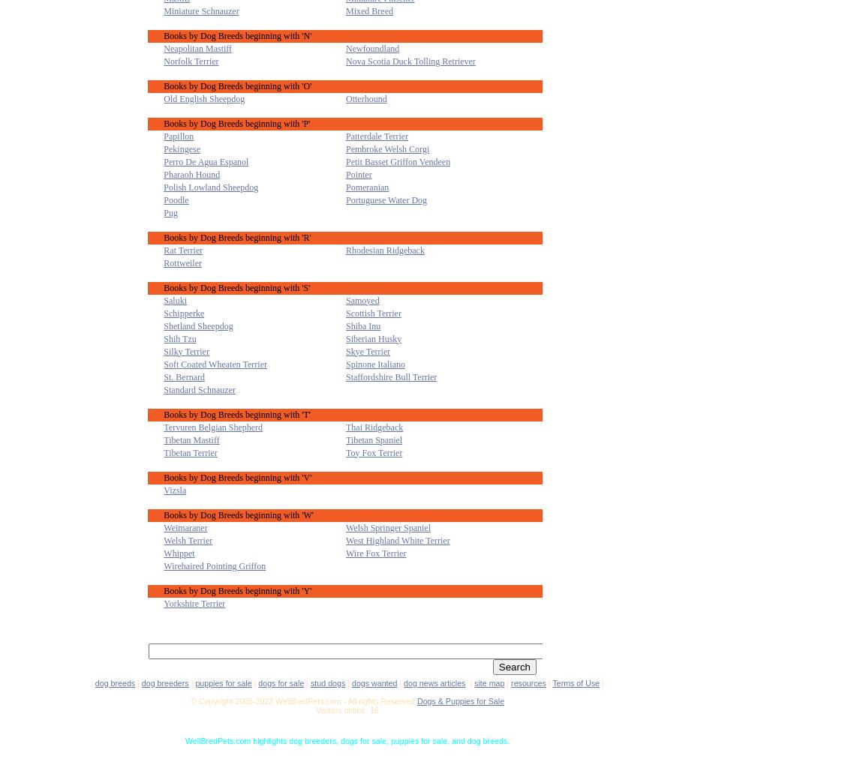 This screenshot has width=863, height=759. I want to click on 'stud dogs', so click(328, 682).